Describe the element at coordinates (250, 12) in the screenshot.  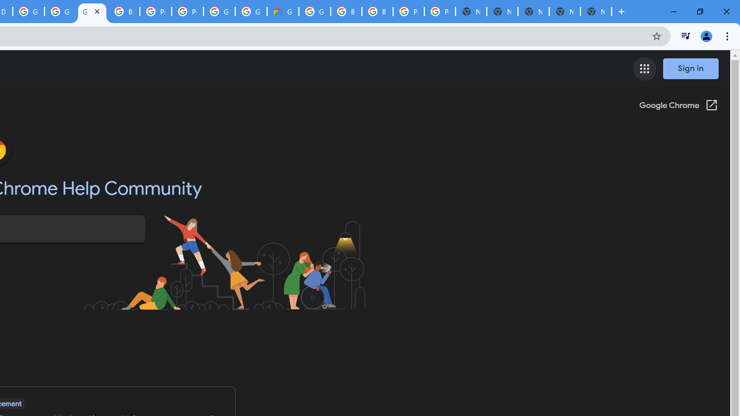
I see `'Google Cloud Platform'` at that location.